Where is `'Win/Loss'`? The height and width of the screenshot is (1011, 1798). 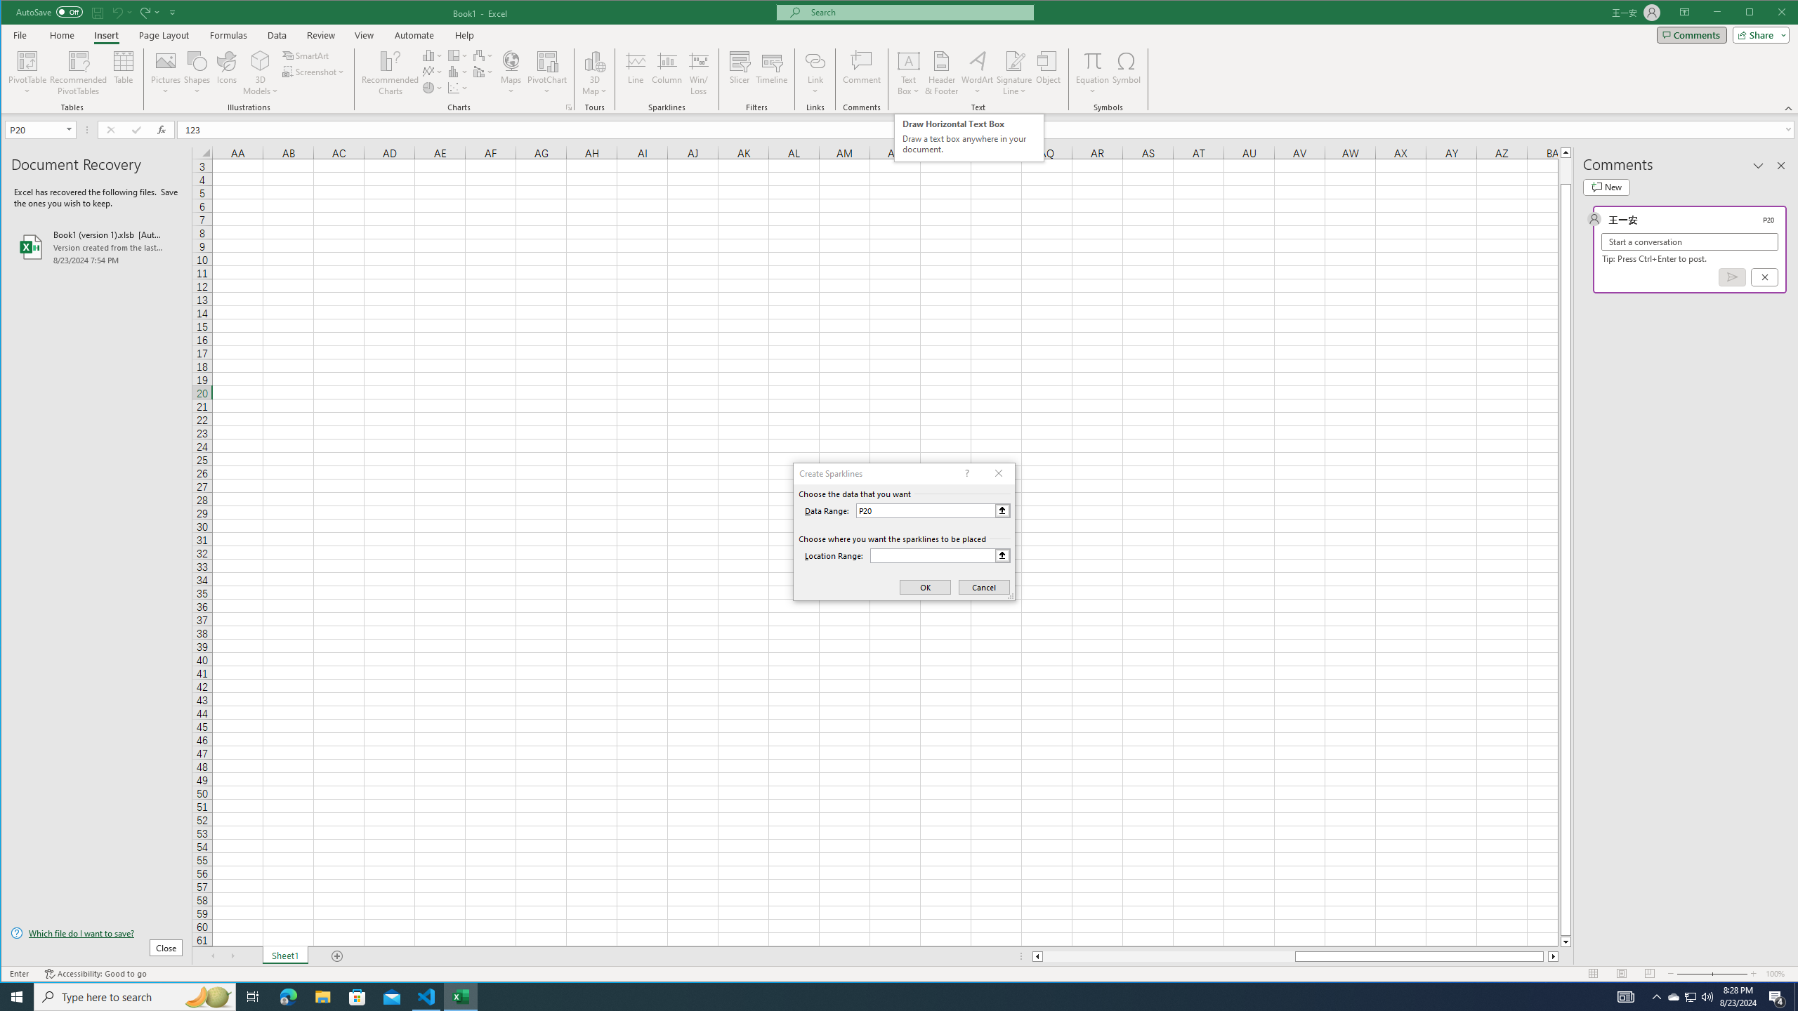 'Win/Loss' is located at coordinates (698, 72).